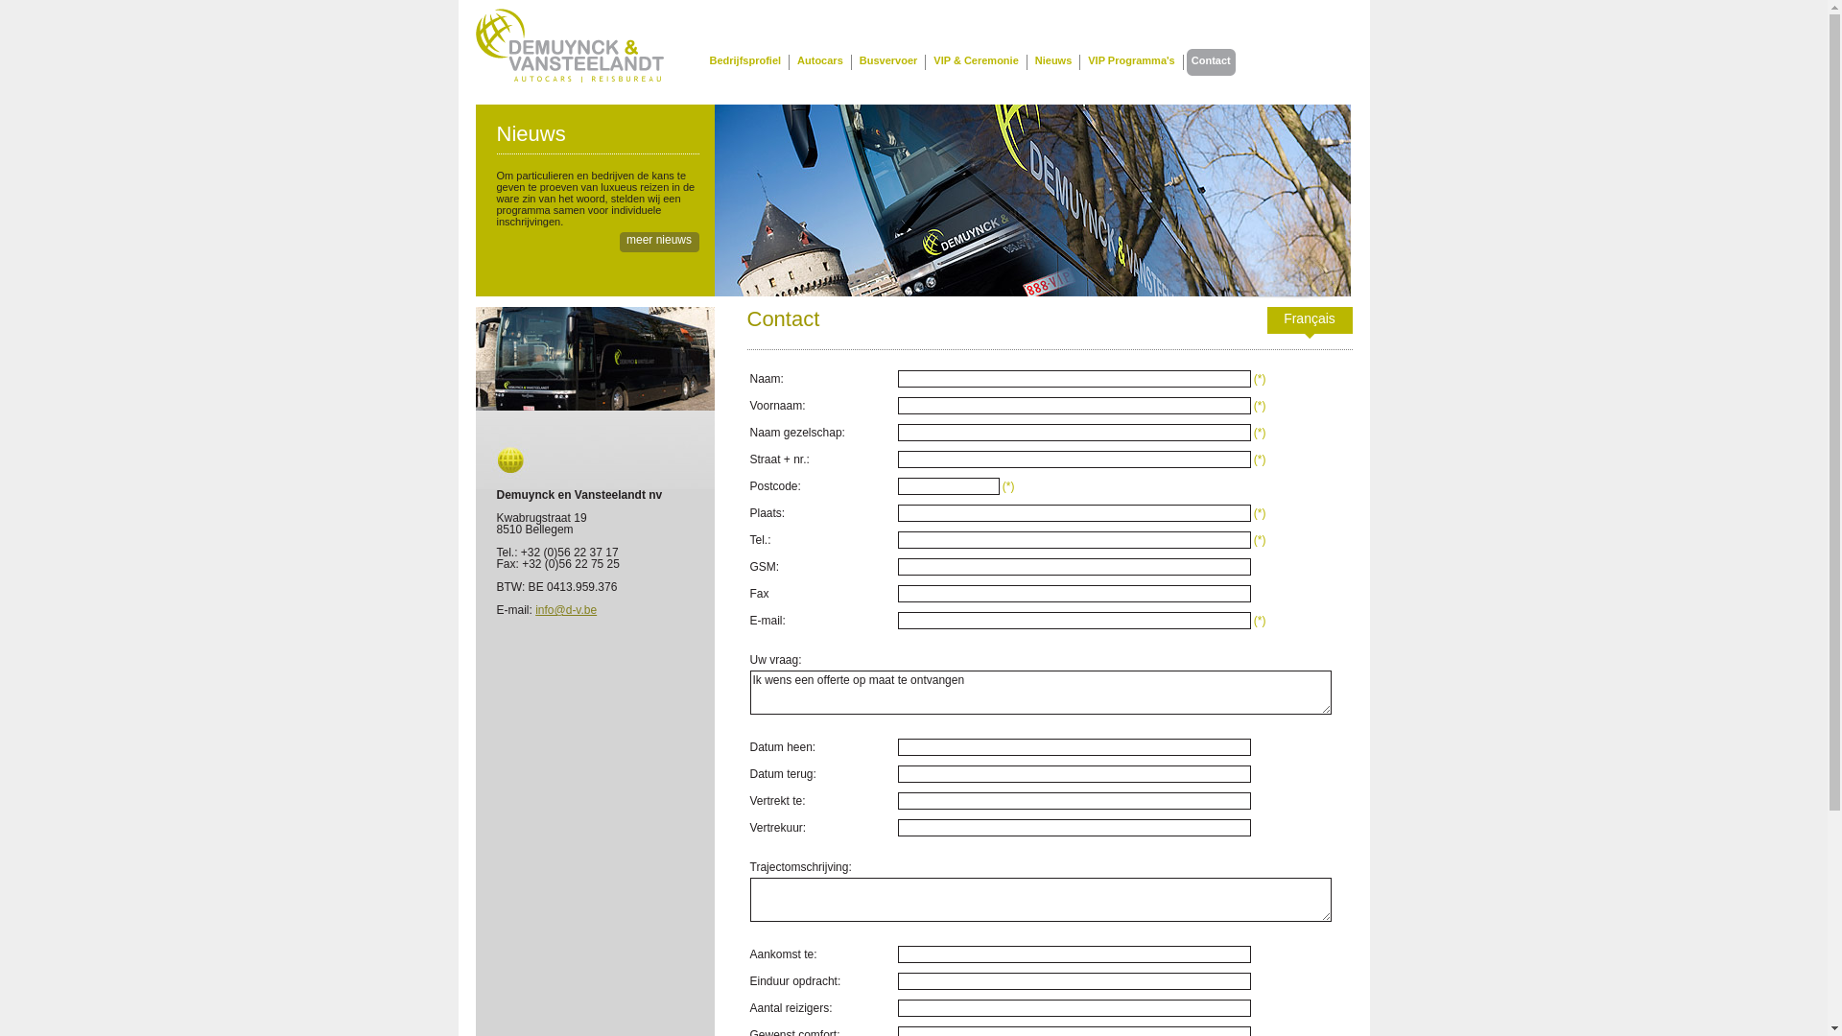 The width and height of the screenshot is (1842, 1036). I want to click on 'Busvervoer', so click(887, 61).